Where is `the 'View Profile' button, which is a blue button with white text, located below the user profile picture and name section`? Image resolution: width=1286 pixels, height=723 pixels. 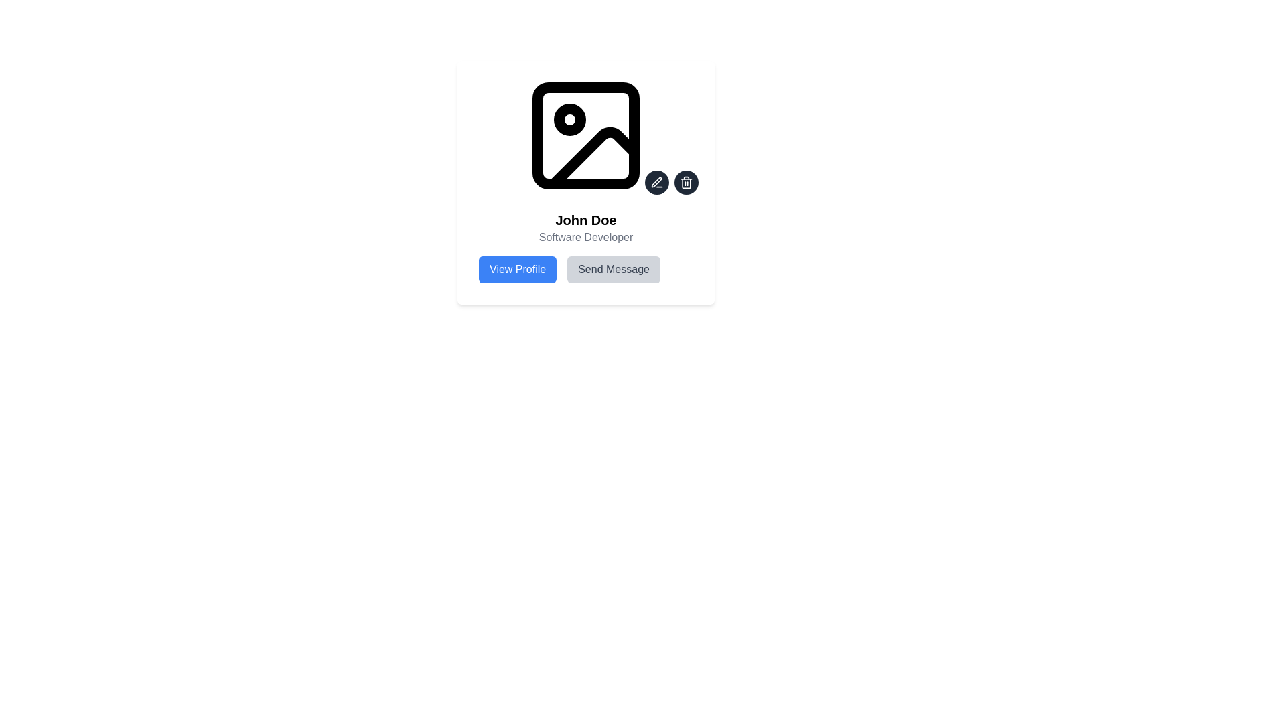 the 'View Profile' button, which is a blue button with white text, located below the user profile picture and name section is located at coordinates (517, 269).